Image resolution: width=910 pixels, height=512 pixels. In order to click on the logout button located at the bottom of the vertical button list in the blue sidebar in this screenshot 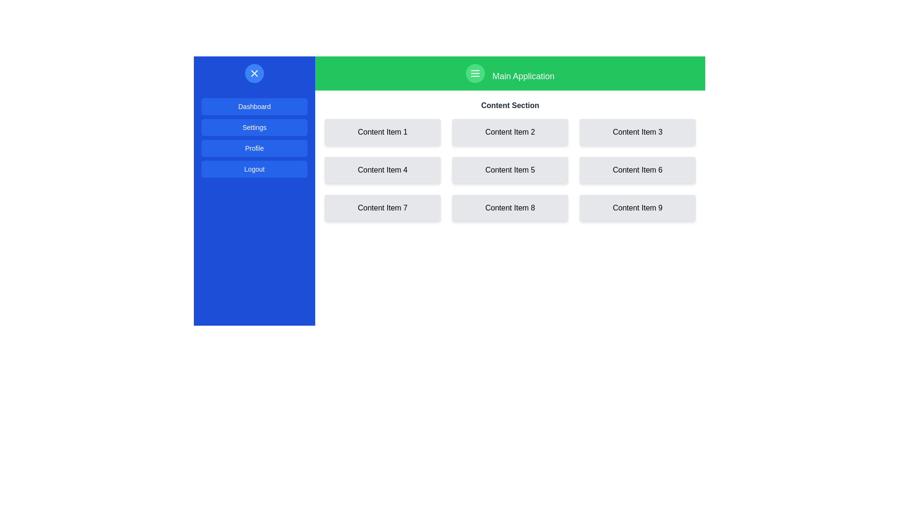, I will do `click(255, 169)`.